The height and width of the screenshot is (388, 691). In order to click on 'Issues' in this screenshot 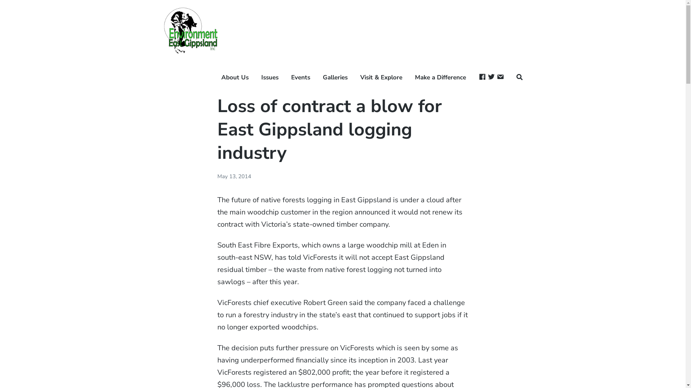, I will do `click(269, 78)`.